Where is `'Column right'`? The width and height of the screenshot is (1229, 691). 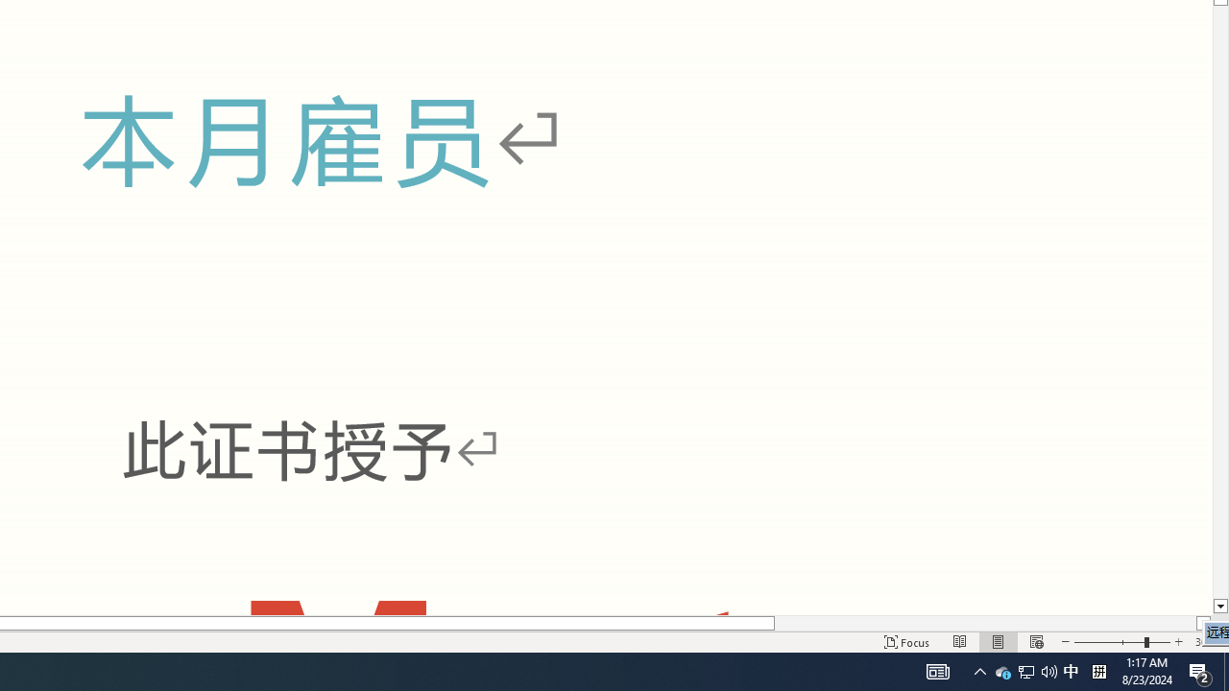 'Column right' is located at coordinates (1203, 623).